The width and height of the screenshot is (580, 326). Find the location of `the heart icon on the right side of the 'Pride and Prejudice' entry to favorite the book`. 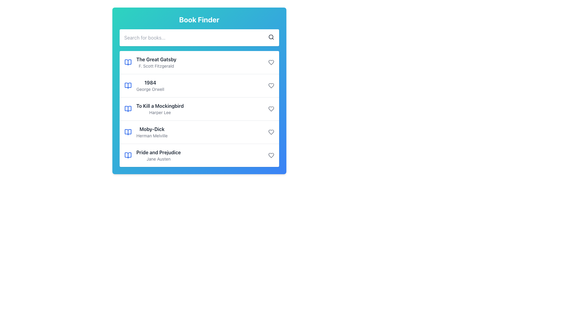

the heart icon on the right side of the 'Pride and Prejudice' entry to favorite the book is located at coordinates (271, 155).